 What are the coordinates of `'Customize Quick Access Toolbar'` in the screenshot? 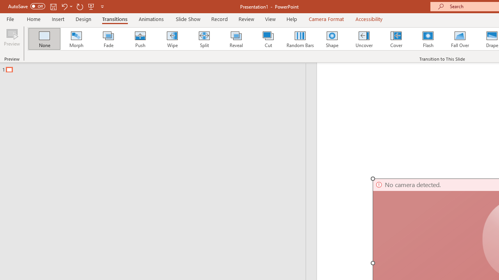 It's located at (102, 6).